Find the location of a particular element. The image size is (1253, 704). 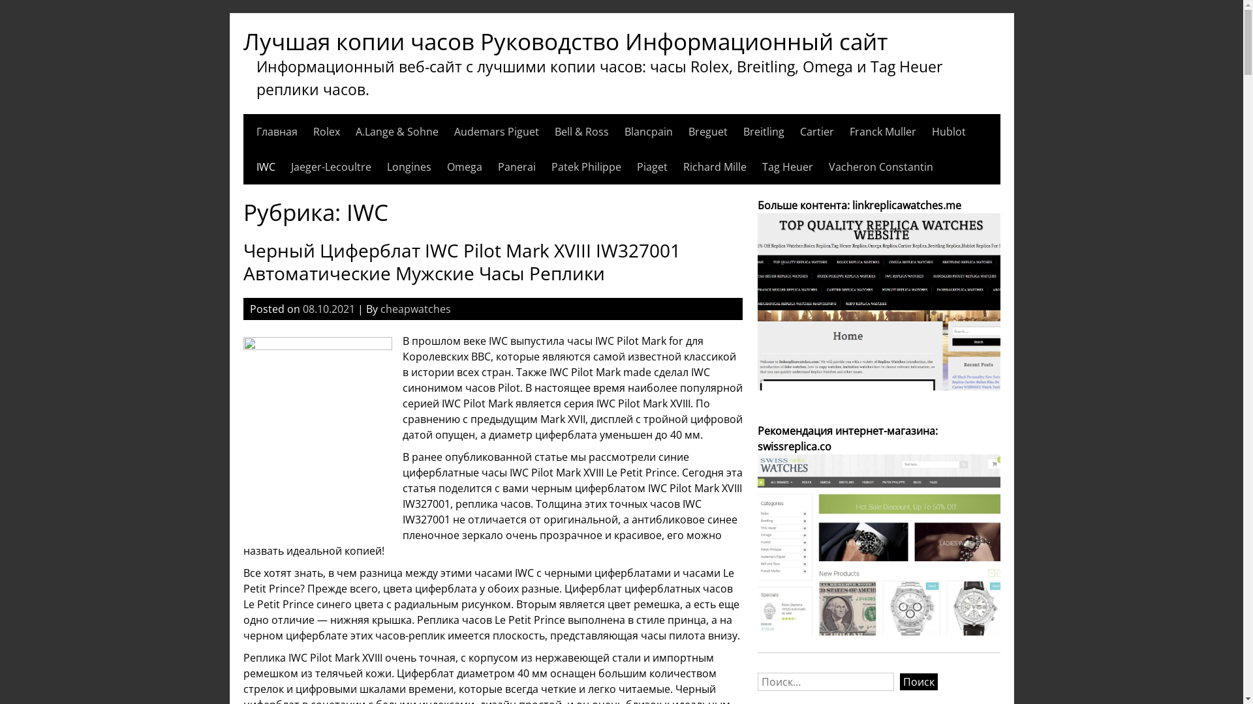

'Cartier' is located at coordinates (816, 131).